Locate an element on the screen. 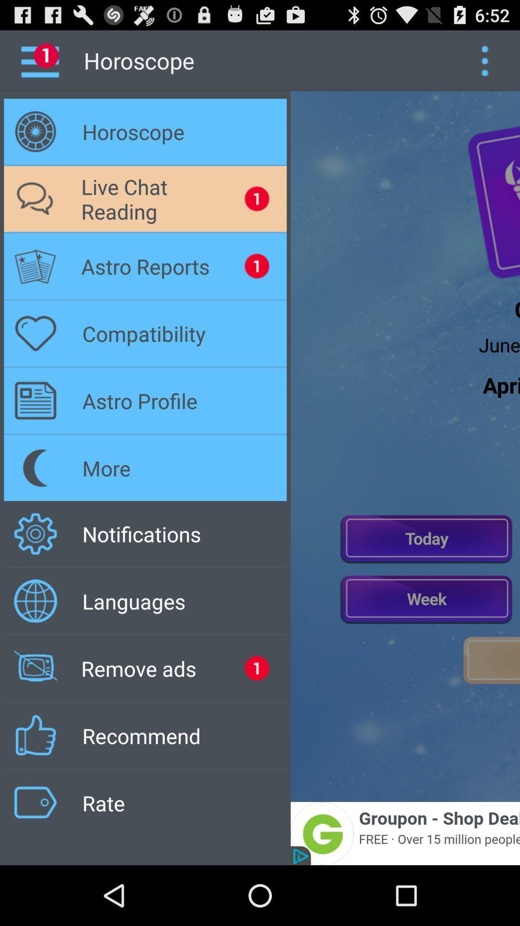 This screenshot has height=926, width=520. see today 's horoscope is located at coordinates (426, 538).